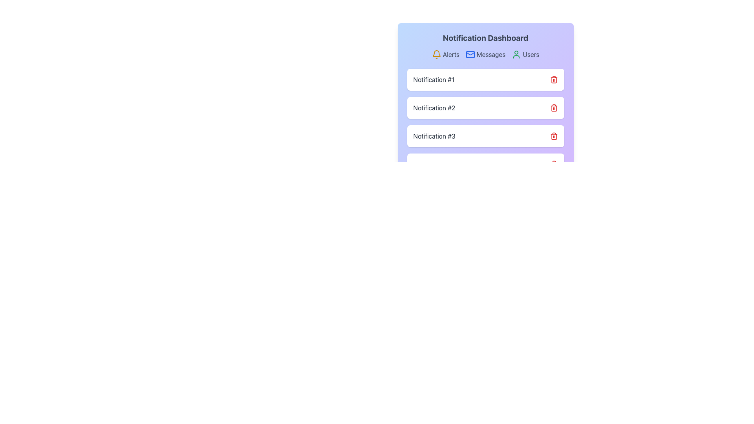 The width and height of the screenshot is (754, 424). I want to click on the Navigation Button labeled 'Messages' with an envelope-shaped icon, so click(485, 54).